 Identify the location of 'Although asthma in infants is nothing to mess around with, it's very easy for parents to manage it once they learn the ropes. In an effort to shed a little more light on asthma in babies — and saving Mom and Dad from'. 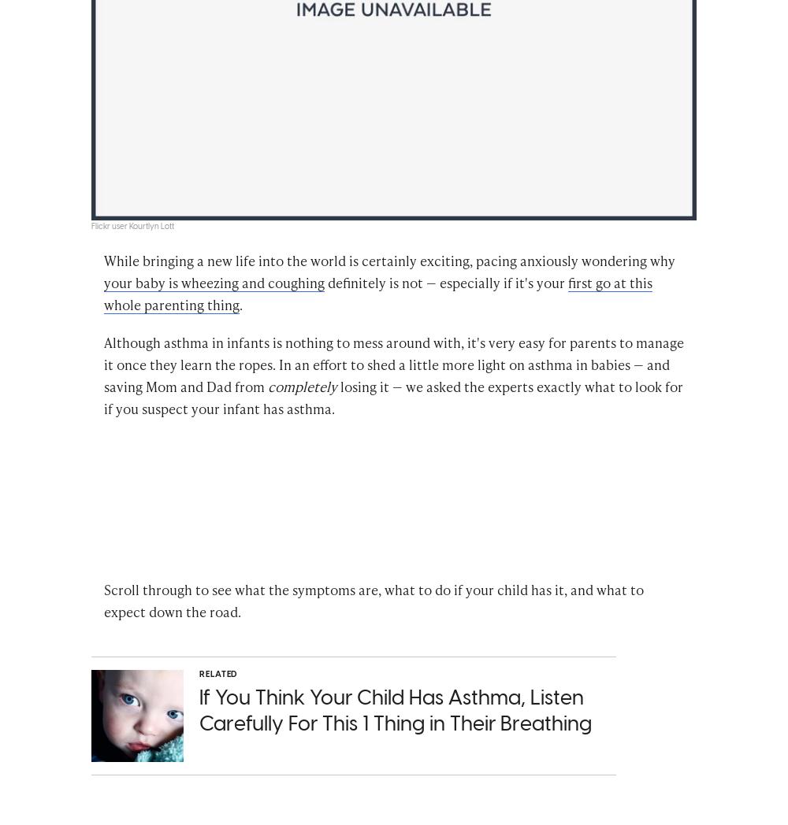
(394, 365).